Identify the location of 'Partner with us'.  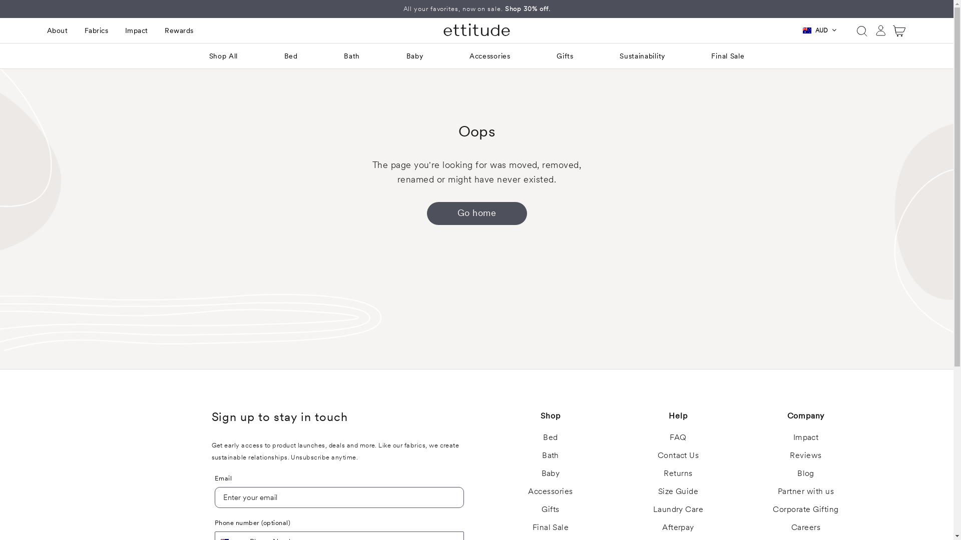
(805, 490).